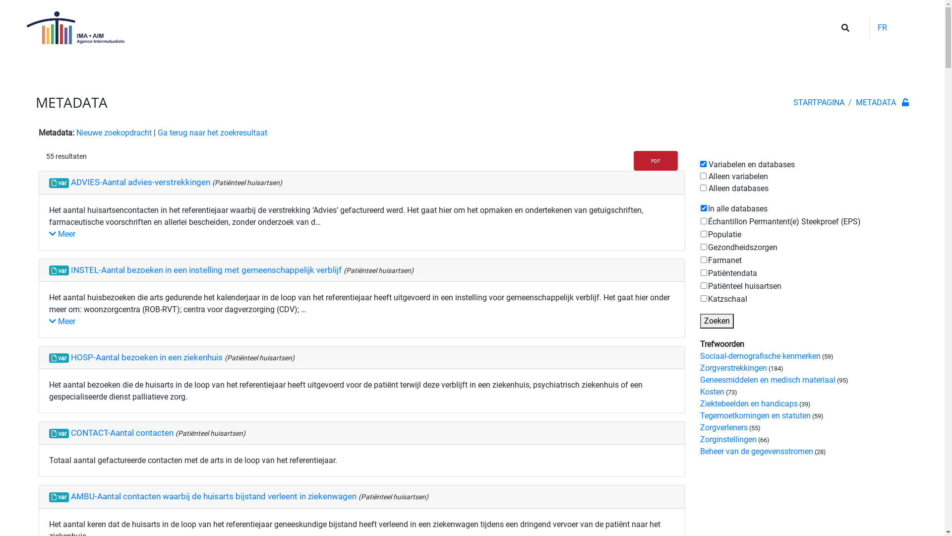 The image size is (952, 536). Describe the element at coordinates (767, 380) in the screenshot. I see `'Geneesmiddelen en medisch materiaal'` at that location.